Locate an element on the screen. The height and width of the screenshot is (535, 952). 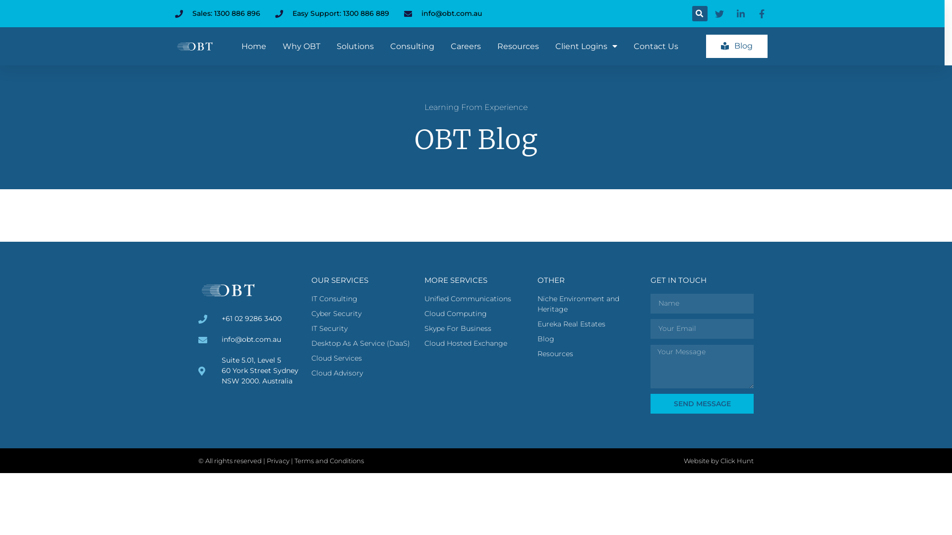
'Client Logins' is located at coordinates (586, 46).